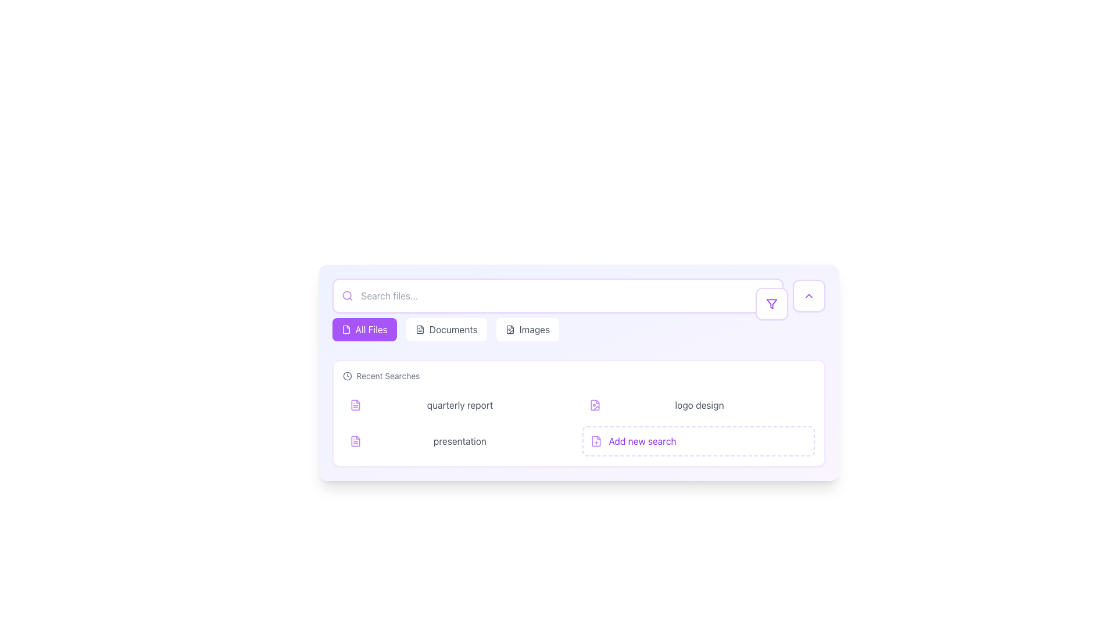 The image size is (1116, 628). What do you see at coordinates (355, 441) in the screenshot?
I see `the document outline icon with a purple hue located to the left of the text label 'presentation' in the recent search entry beneath the 'All Files' section` at bounding box center [355, 441].